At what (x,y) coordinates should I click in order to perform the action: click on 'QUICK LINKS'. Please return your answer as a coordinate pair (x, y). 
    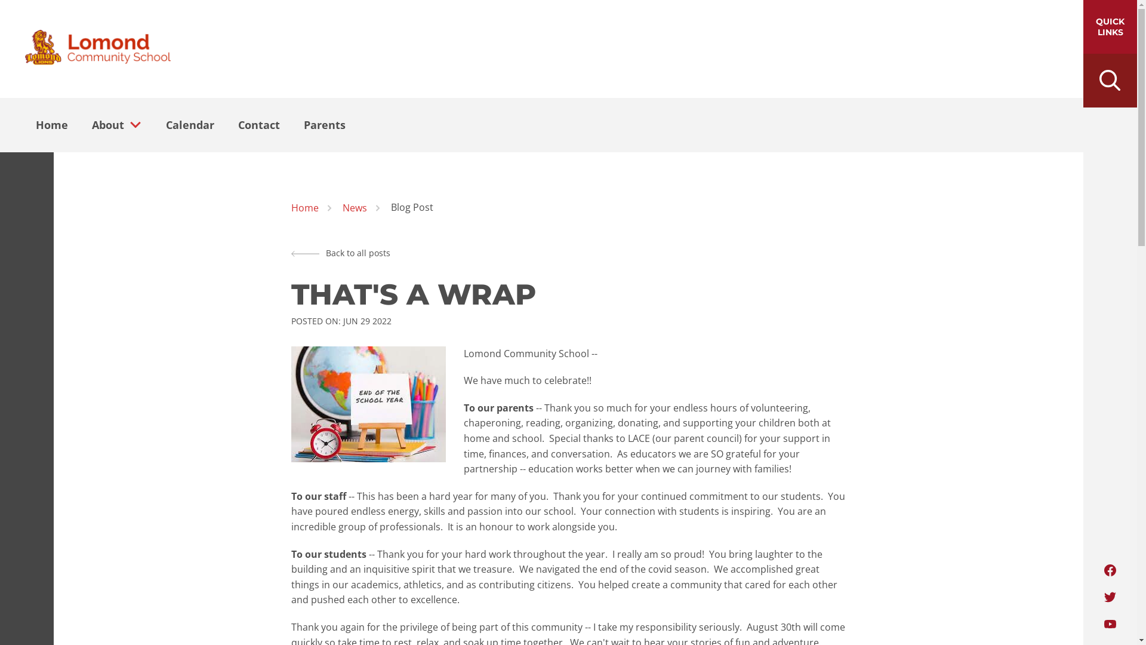
    Looking at the image, I should click on (1110, 27).